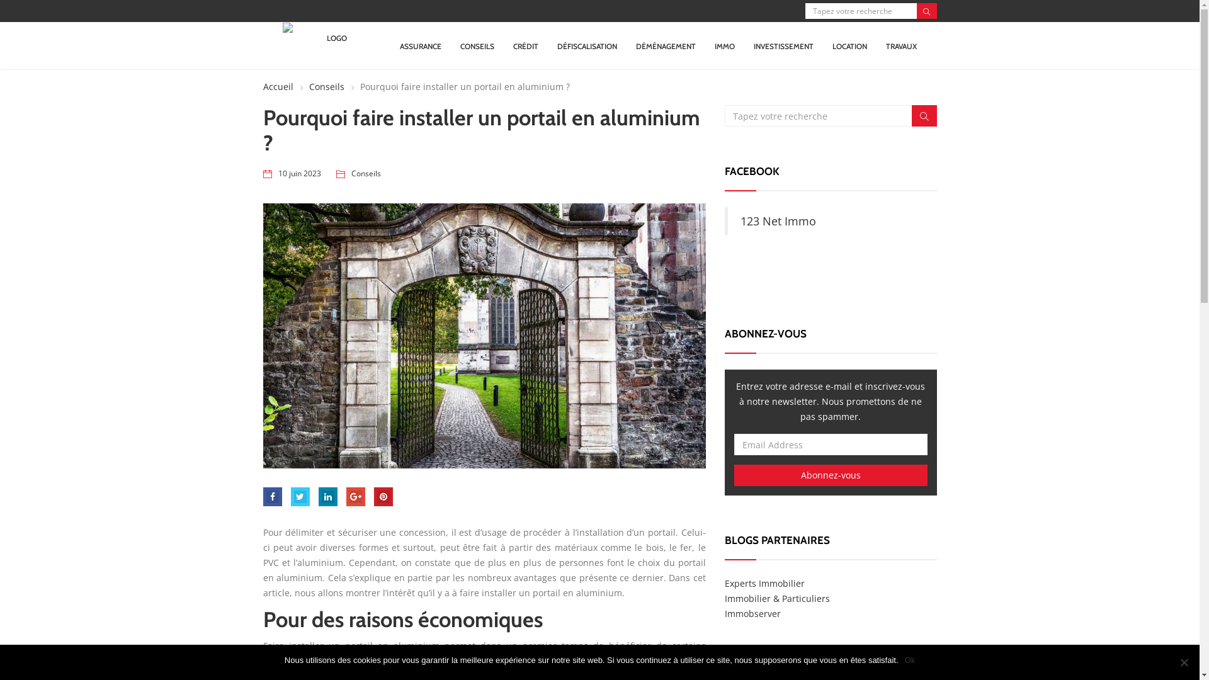 The image size is (1209, 680). Describe the element at coordinates (764, 583) in the screenshot. I see `'Experts Immobilier'` at that location.